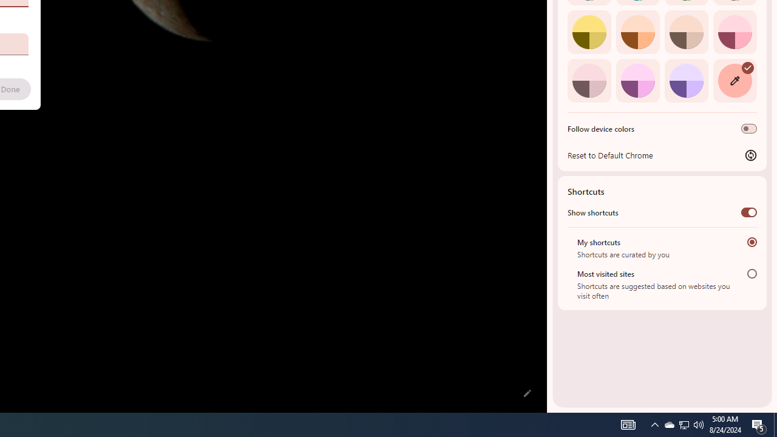  What do you see at coordinates (748, 211) in the screenshot?
I see `'Show shortcuts'` at bounding box center [748, 211].